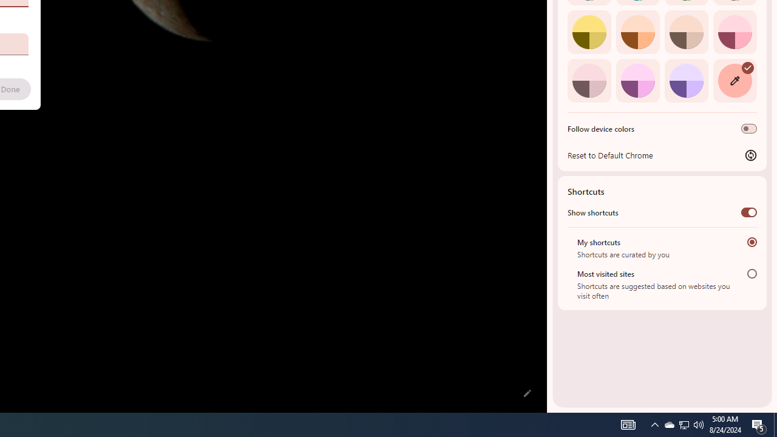  What do you see at coordinates (748, 211) in the screenshot?
I see `'Show shortcuts'` at bounding box center [748, 211].